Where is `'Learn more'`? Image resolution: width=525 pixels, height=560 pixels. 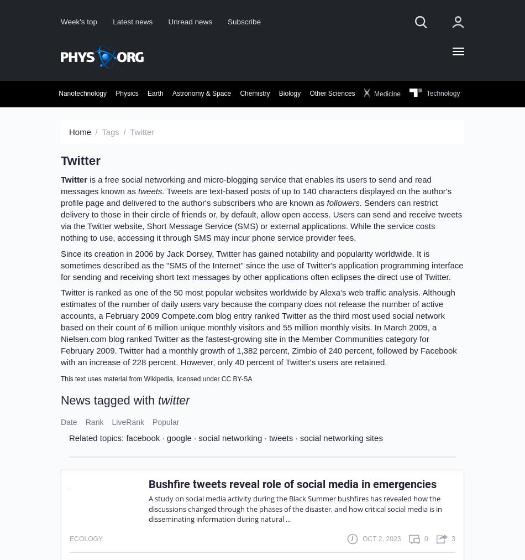
'Learn more' is located at coordinates (317, 248).